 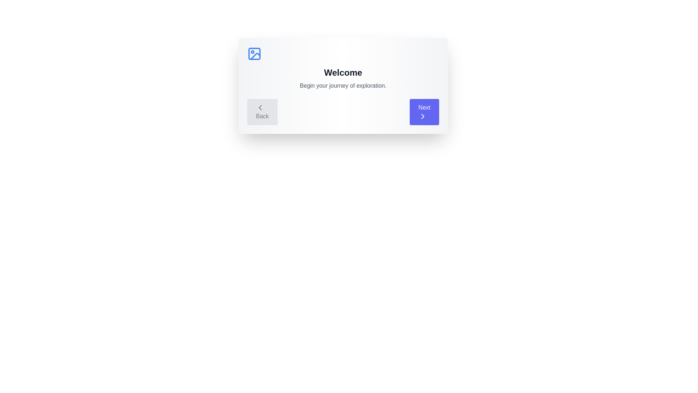 I want to click on the Back button to navigate through the steps, so click(x=262, y=112).